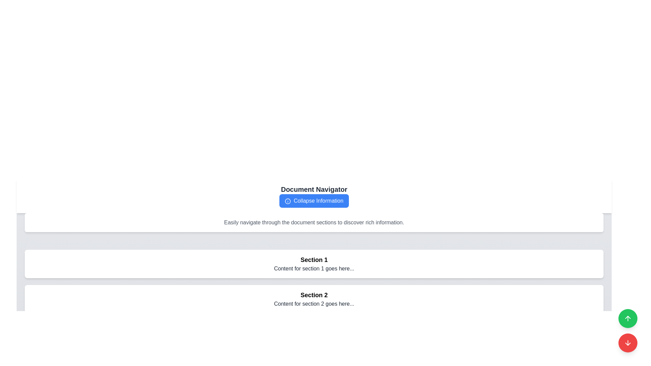 The image size is (651, 366). Describe the element at coordinates (628, 330) in the screenshot. I see `the green upward arrow button in the vertical navigation control` at that location.